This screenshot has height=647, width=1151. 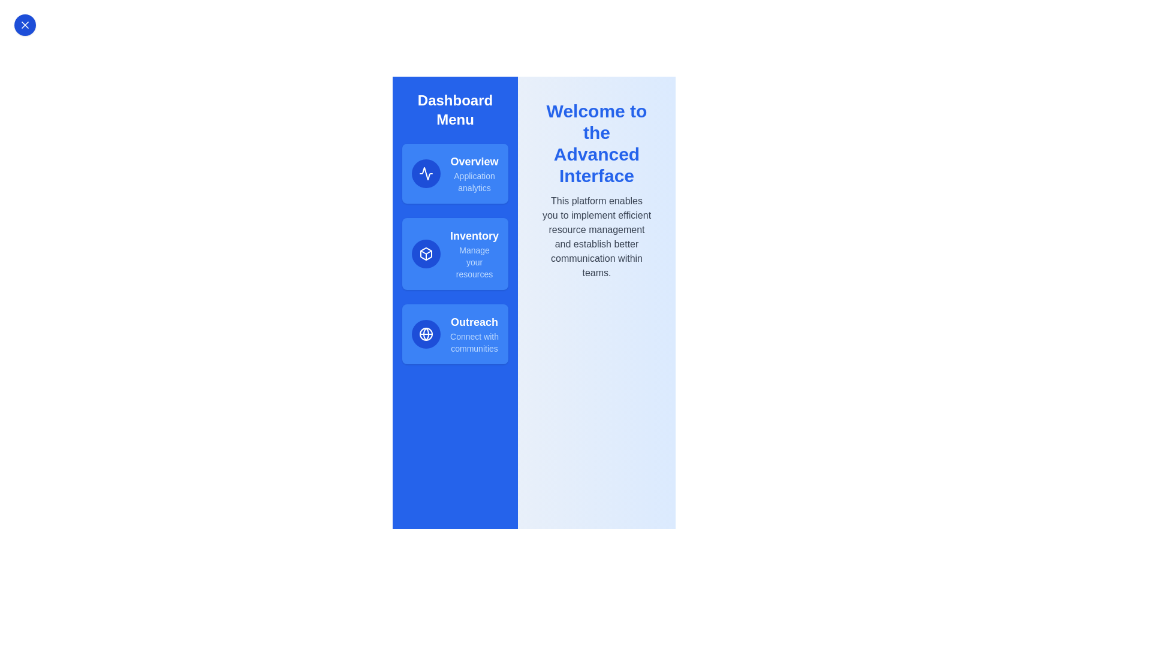 I want to click on the menu item Overview to observe visual feedback, so click(x=454, y=173).